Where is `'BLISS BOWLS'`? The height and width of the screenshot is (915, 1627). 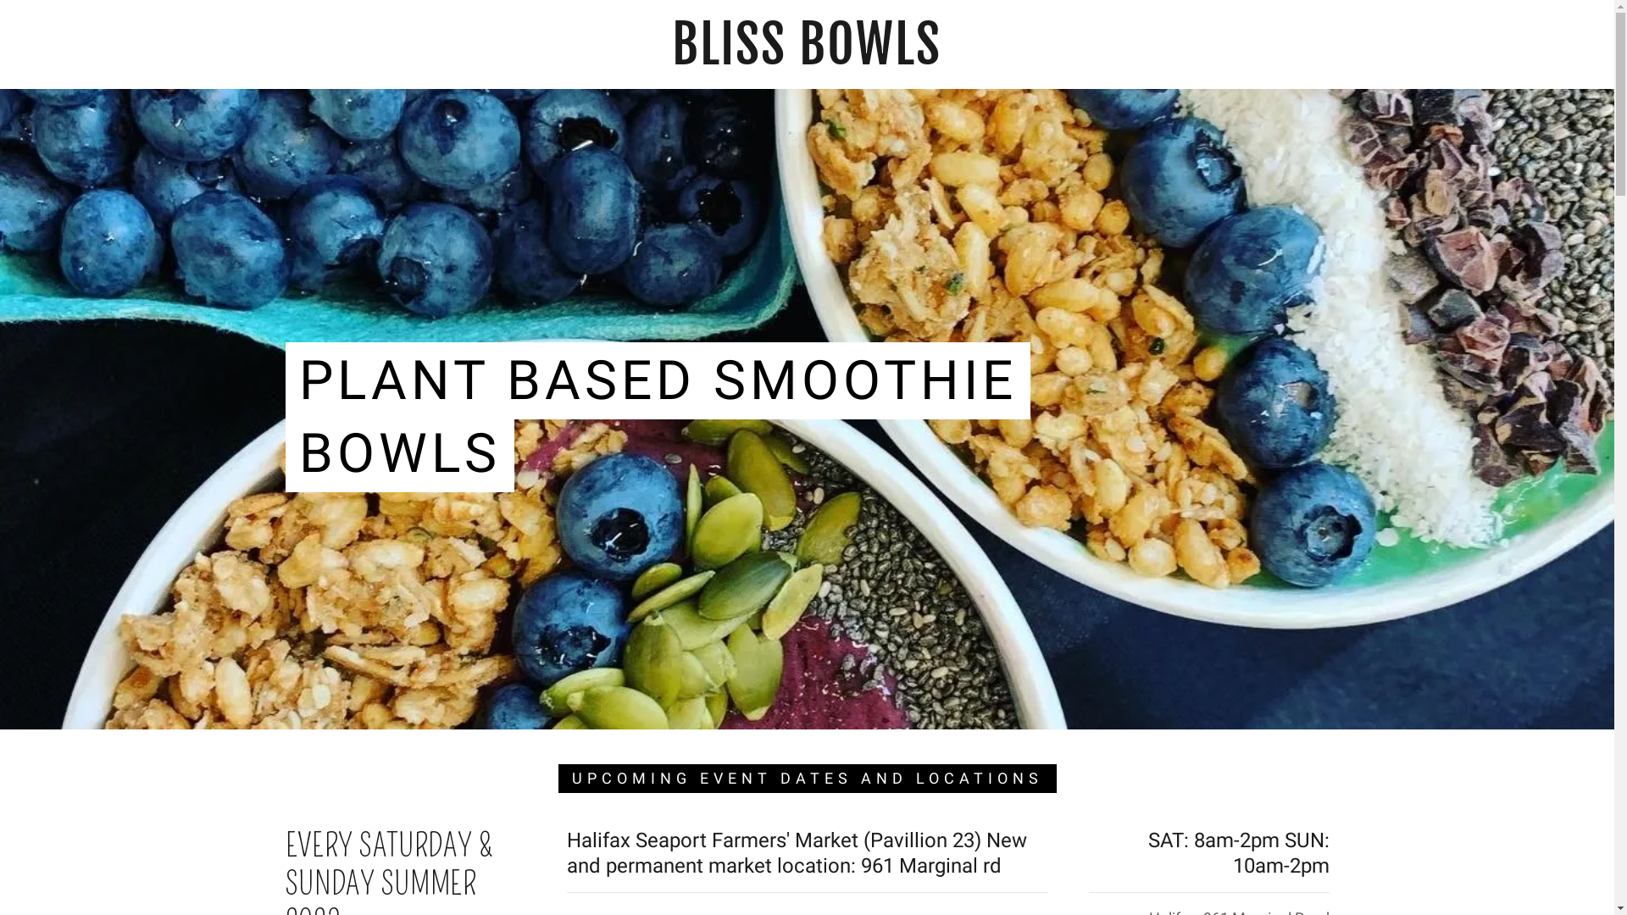
'BLISS BOWLS' is located at coordinates (805, 58).